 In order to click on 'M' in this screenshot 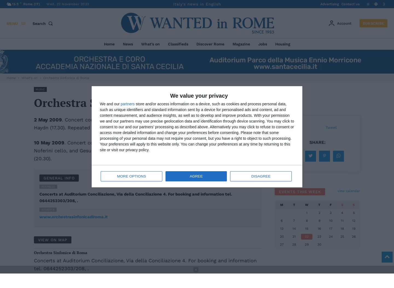, I will do `click(282, 204)`.